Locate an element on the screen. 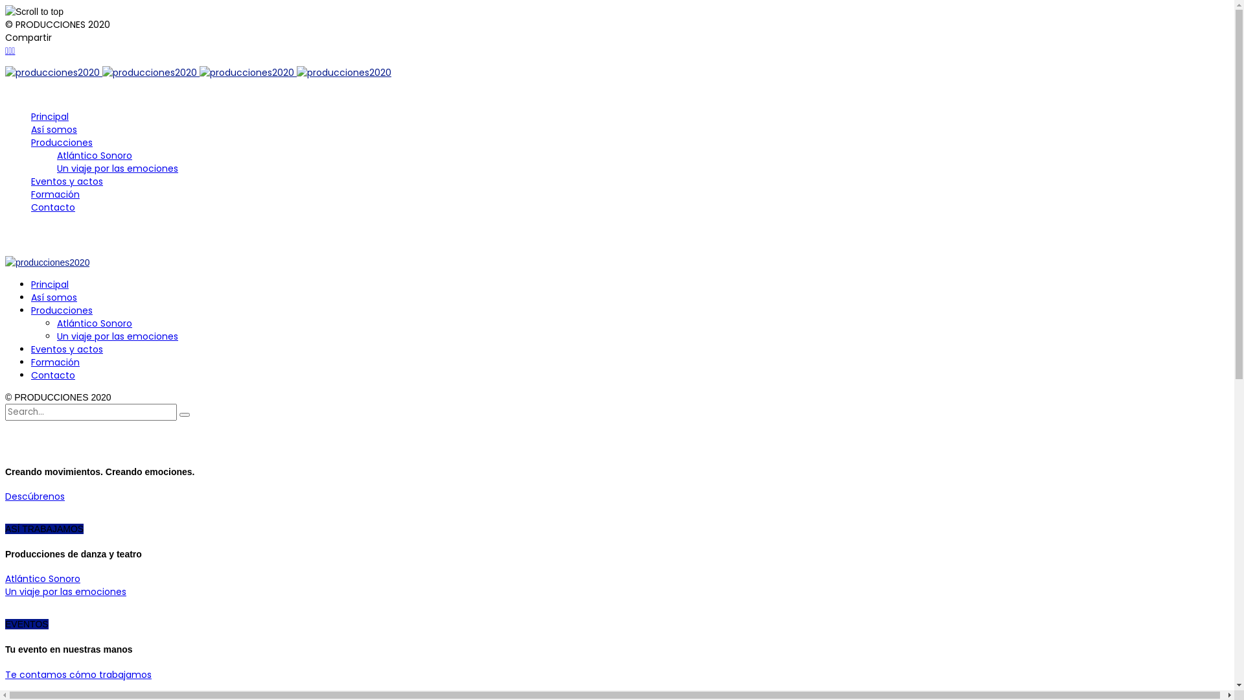  'Skip to content' is located at coordinates (5, 65).